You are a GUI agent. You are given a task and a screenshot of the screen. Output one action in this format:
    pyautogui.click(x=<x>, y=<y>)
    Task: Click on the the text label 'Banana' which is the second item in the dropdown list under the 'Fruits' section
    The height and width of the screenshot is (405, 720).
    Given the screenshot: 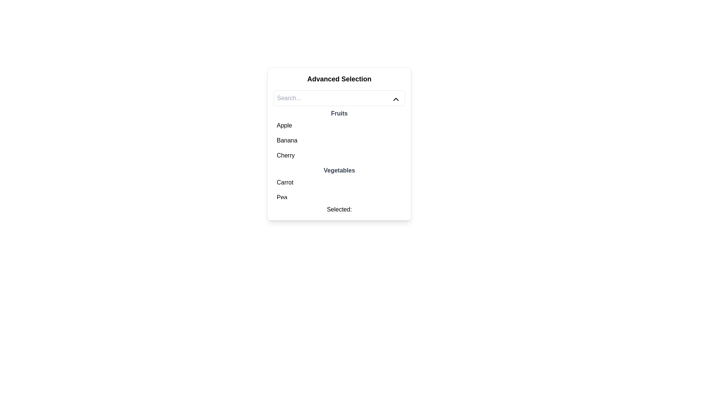 What is the action you would take?
    pyautogui.click(x=286, y=140)
    